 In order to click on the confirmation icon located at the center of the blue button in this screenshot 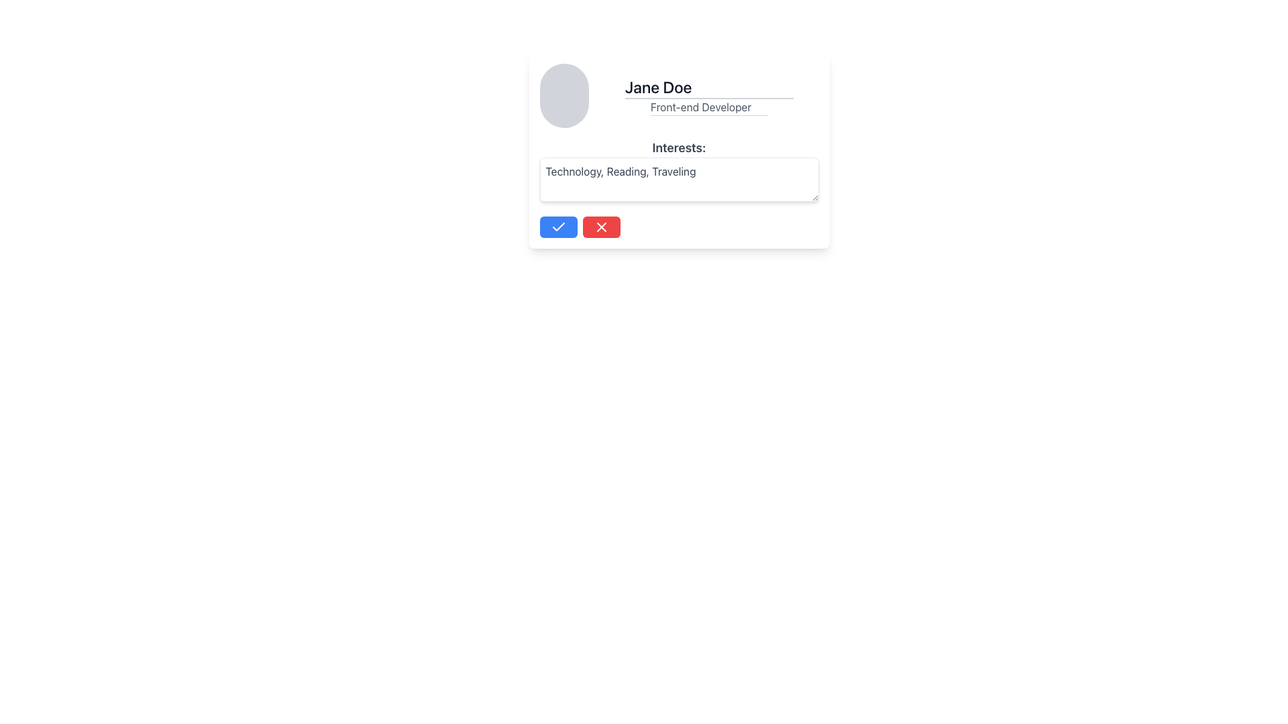, I will do `click(558, 227)`.